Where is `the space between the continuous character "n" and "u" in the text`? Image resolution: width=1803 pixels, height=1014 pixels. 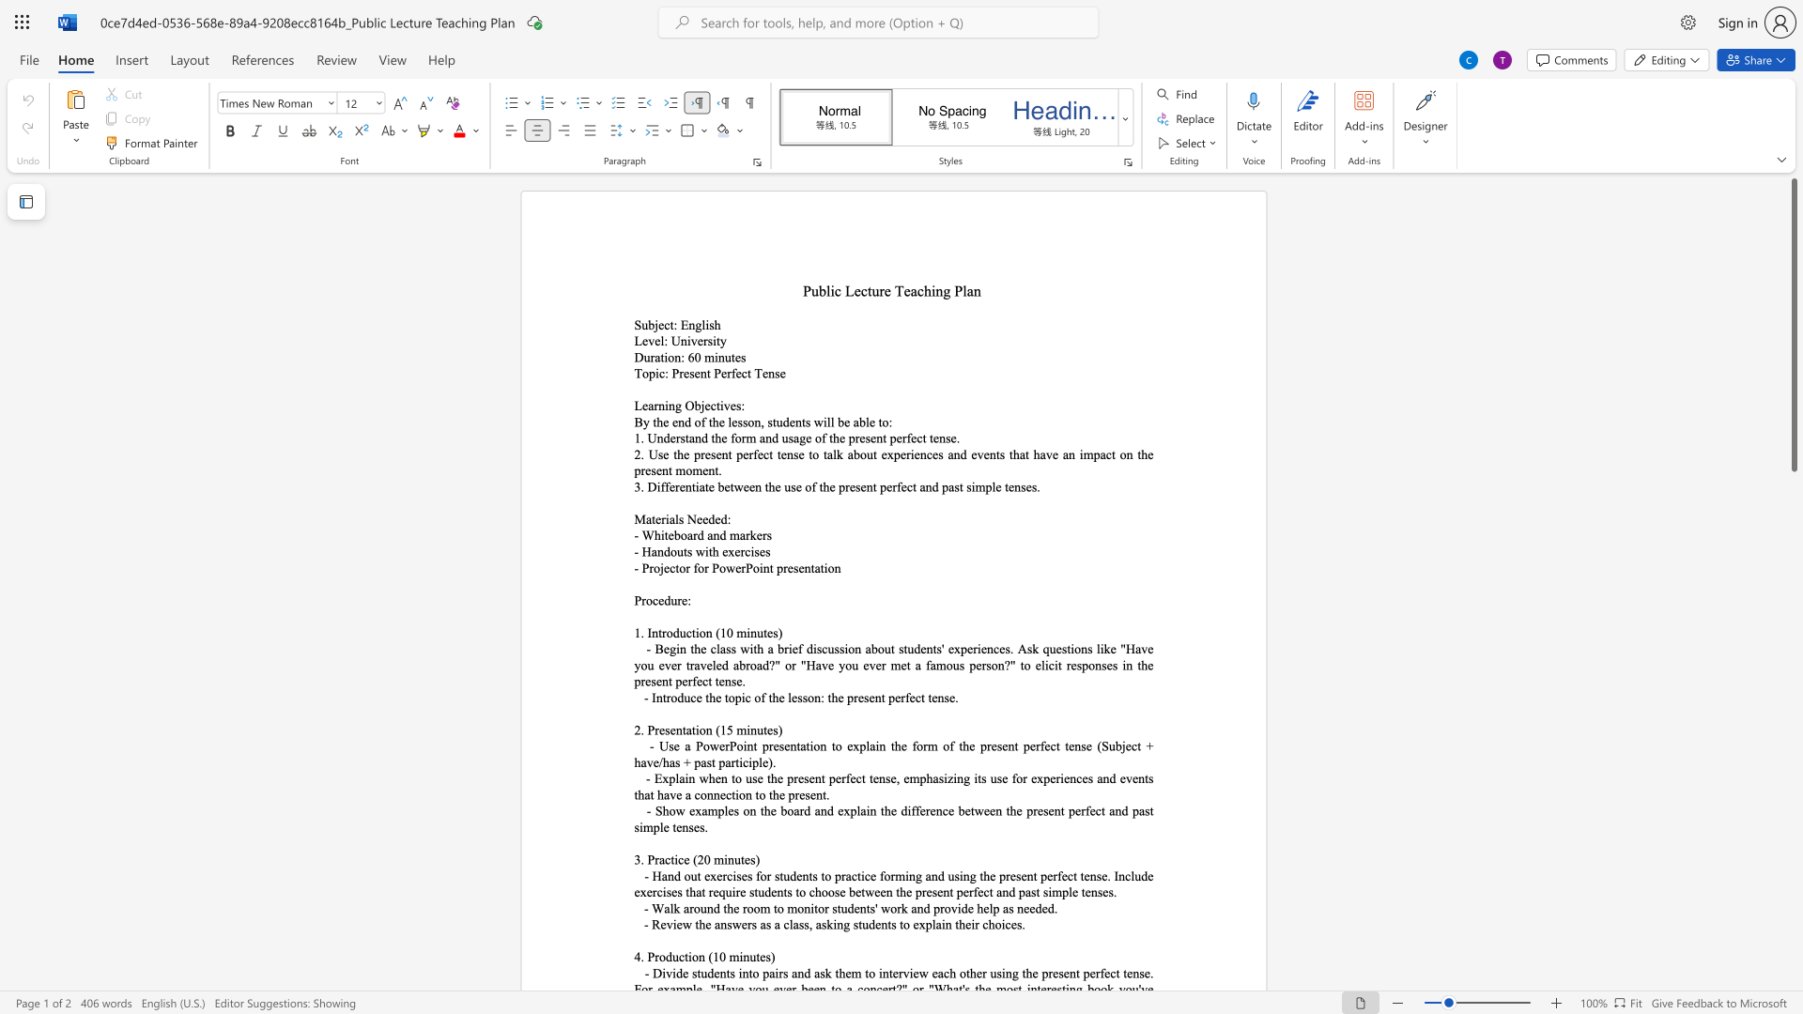
the space between the continuous character "n" and "u" in the text is located at coordinates (723, 357).